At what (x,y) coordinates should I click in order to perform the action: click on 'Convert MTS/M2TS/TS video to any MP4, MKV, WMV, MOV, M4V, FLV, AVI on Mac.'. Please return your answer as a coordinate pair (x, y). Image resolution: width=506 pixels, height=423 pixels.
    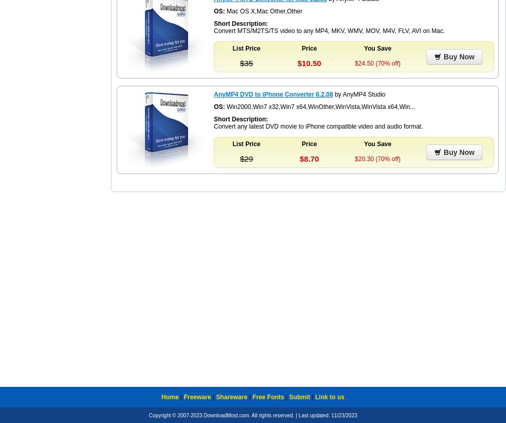
    Looking at the image, I should click on (329, 29).